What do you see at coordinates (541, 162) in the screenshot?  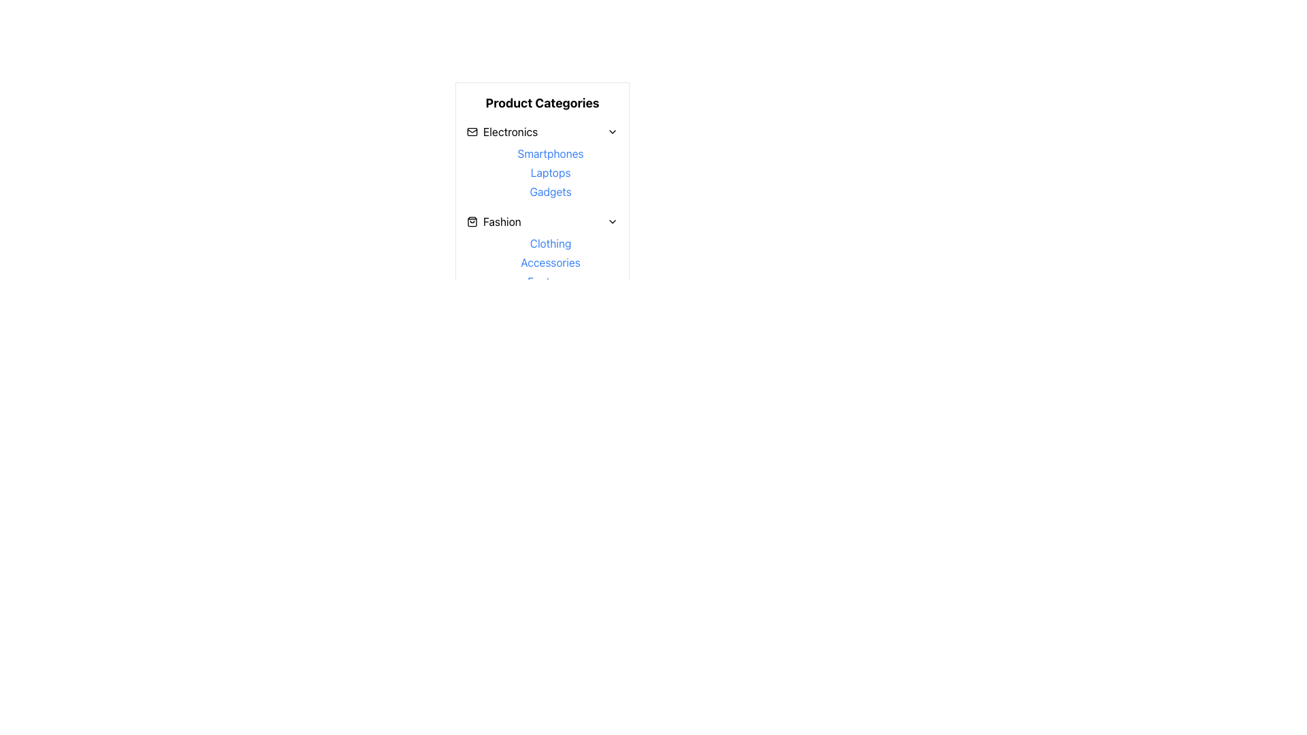 I see `the 'Electronics Smartphones Laptops Gadgets' dropdown submenu to trigger potential interactions with the links 'Smartphones', 'Laptops', and 'Gadgets'` at bounding box center [541, 162].